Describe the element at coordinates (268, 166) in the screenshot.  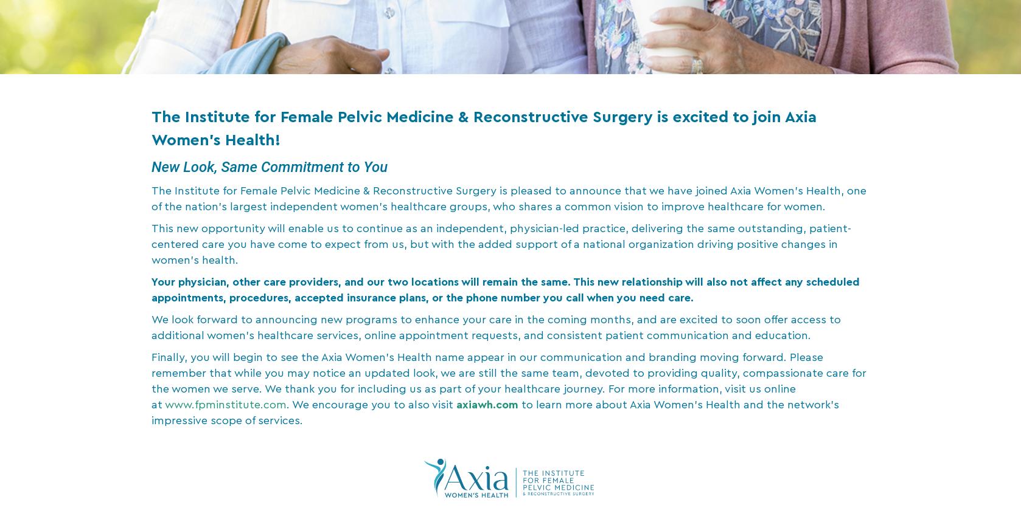
I see `'New Look, Same Commitment to You'` at that location.